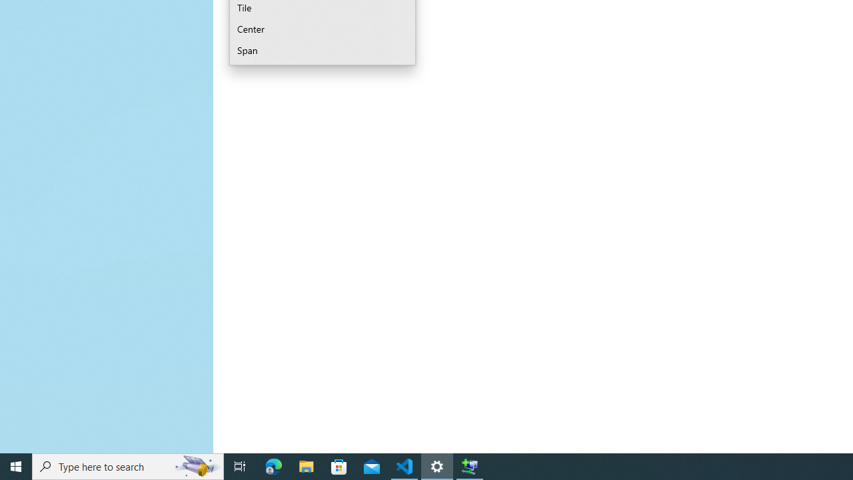 The width and height of the screenshot is (853, 480). I want to click on 'File Explorer', so click(306, 465).